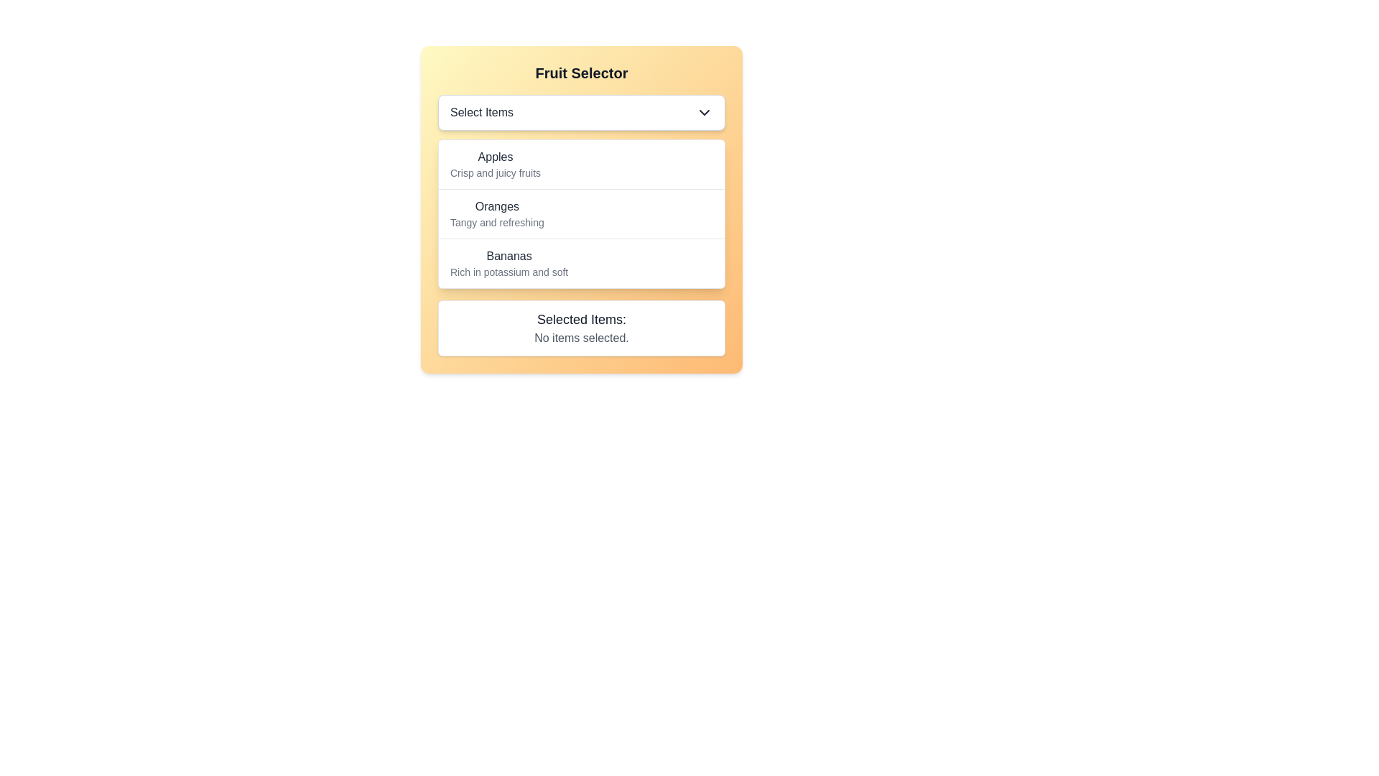 Image resolution: width=1379 pixels, height=776 pixels. I want to click on to select the list item labeled 'Bananas' which is the third item in a vertical dropdown list, situated between 'Oranges' and the empty 'Selected Items' section, so click(582, 263).